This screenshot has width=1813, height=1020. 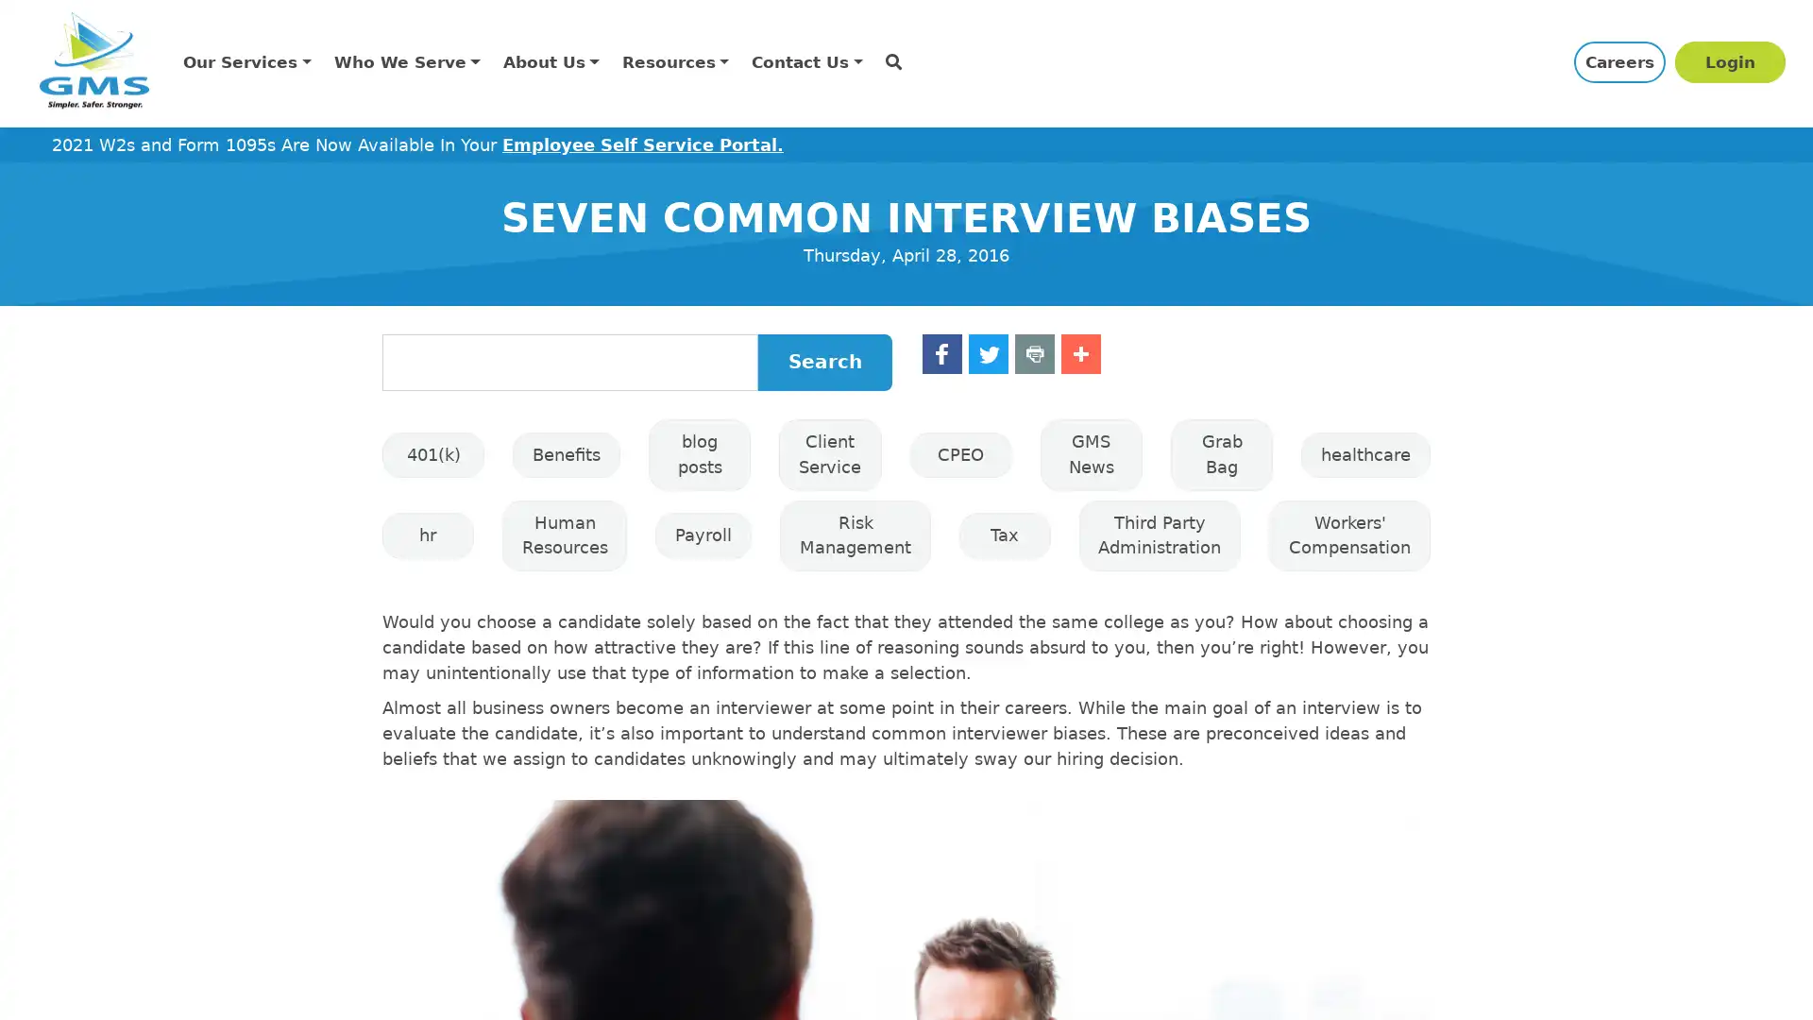 I want to click on Share to More More 1, so click(x=1270, y=356).